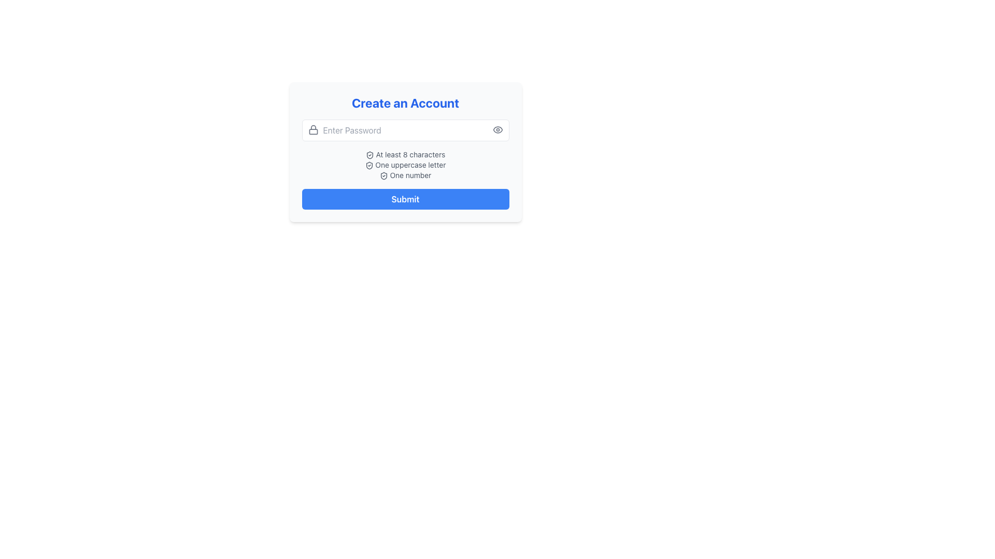  I want to click on the visual indicator icon for the password requirement 'One number' located to the left of its corresponding label, so click(383, 175).